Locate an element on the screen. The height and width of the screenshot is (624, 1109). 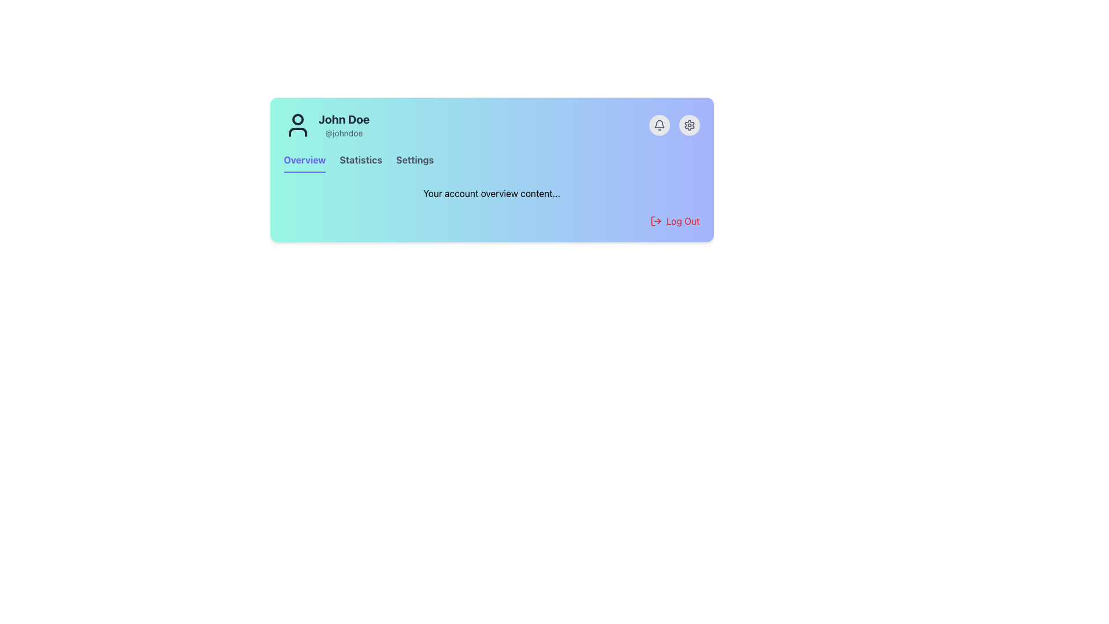
the user profile icon, which is a dark gray silhouette of a person located at the top left corner of the card, aligned with the user's display name and username is located at coordinates (297, 125).